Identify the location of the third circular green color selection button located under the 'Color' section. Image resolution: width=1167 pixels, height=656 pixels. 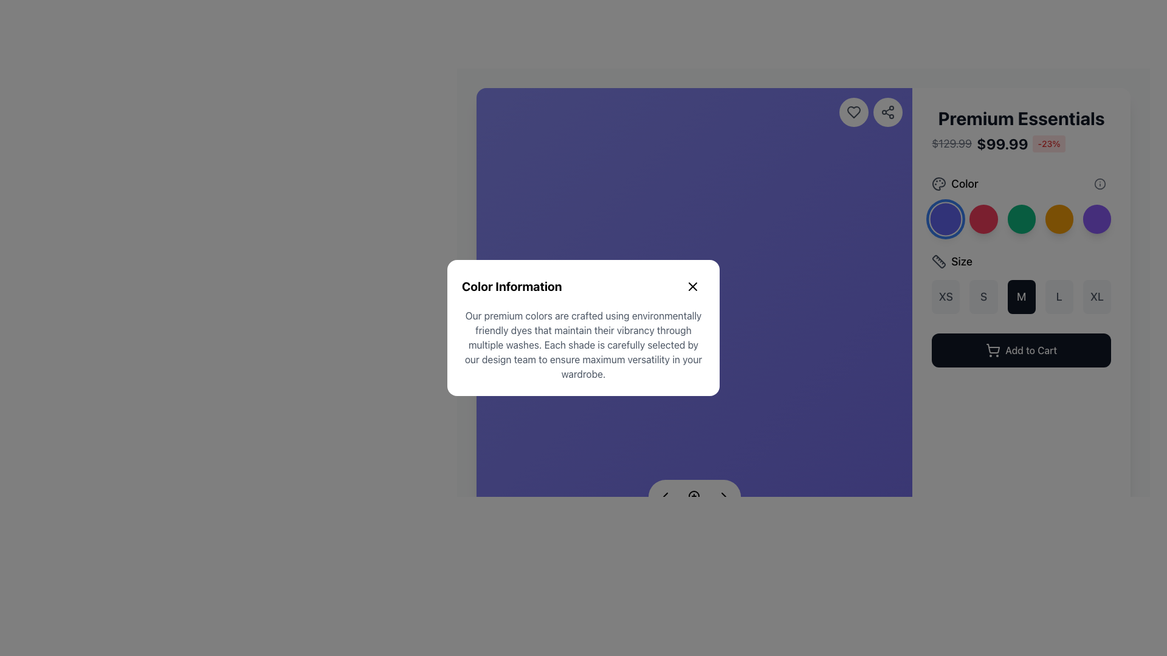
(1021, 203).